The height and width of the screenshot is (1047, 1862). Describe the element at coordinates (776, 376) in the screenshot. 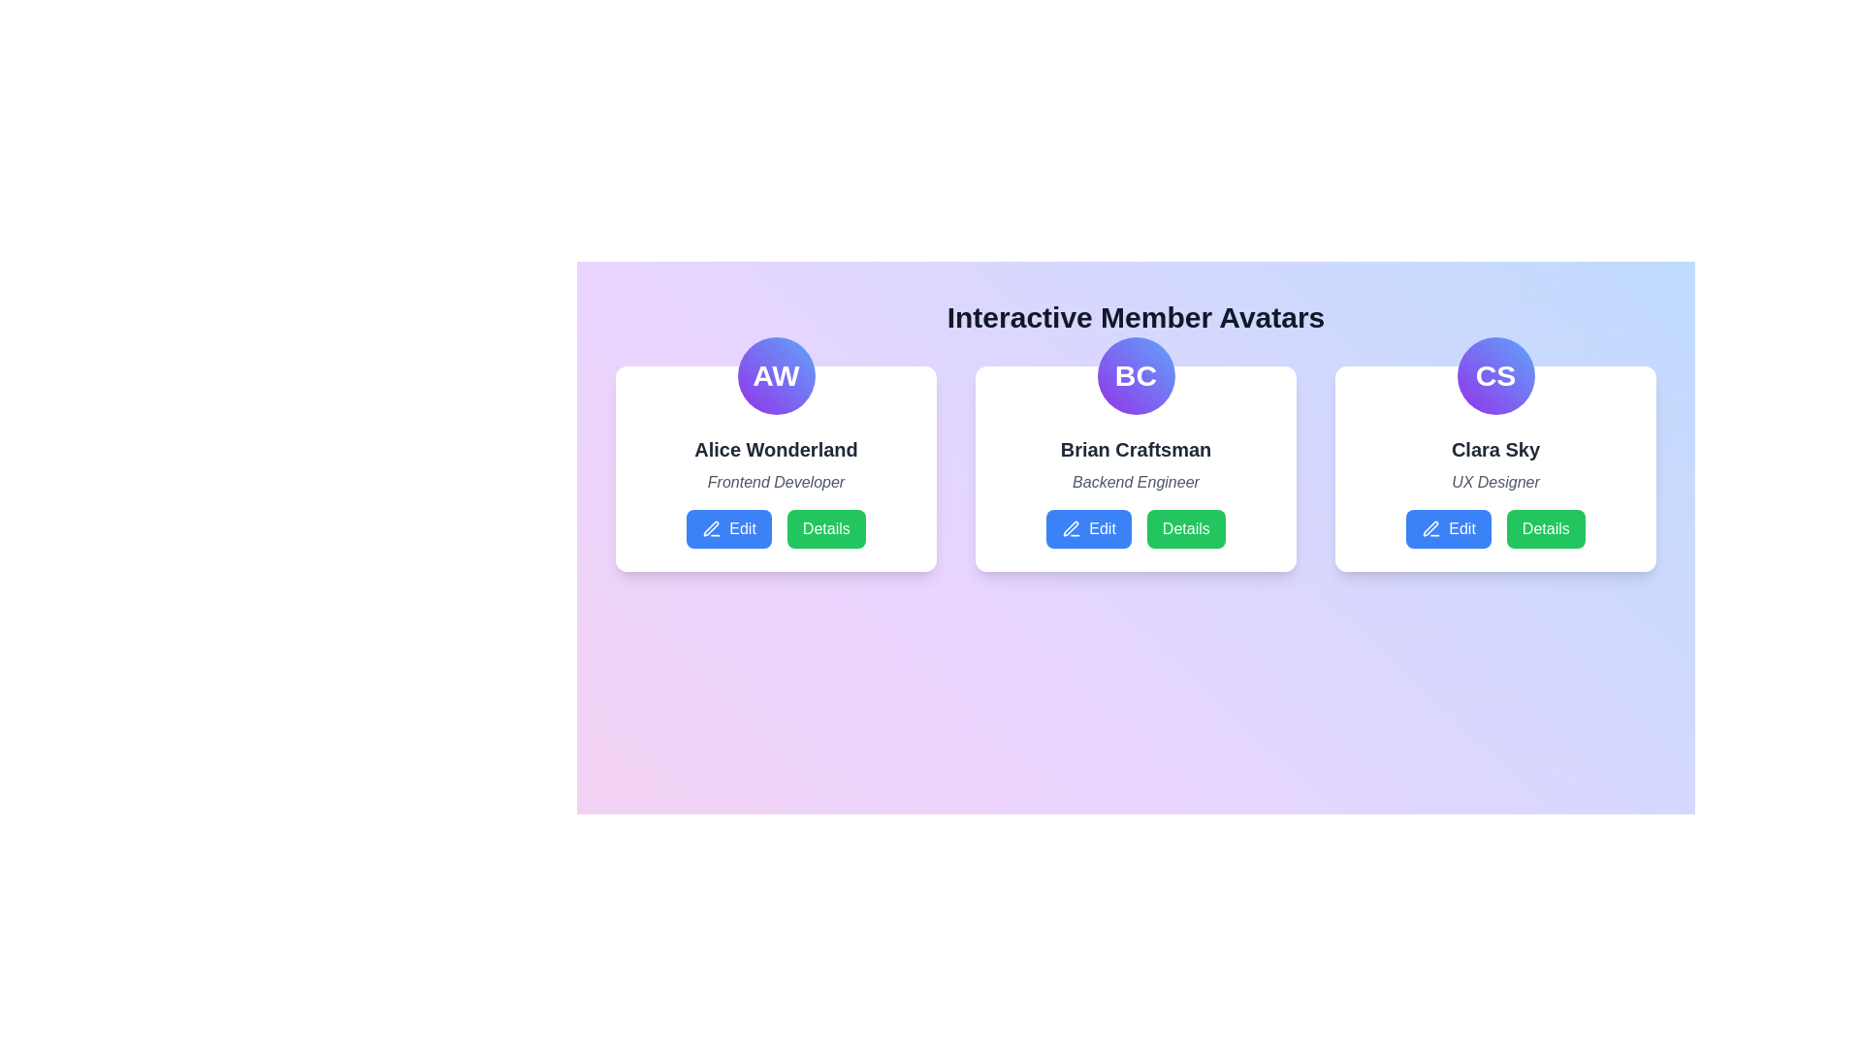

I see `the circular badge avatar displaying 'AW' in white, which is centered above the card for 'Alice Wonderland'` at that location.